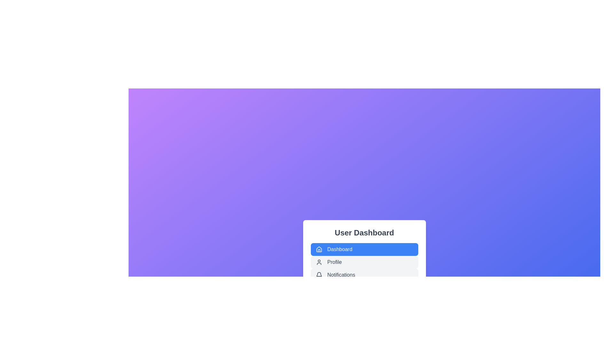 The width and height of the screenshot is (614, 345). What do you see at coordinates (364, 274) in the screenshot?
I see `the third button in the navigation menu, located between the 'Profile' and 'Settings' buttons` at bounding box center [364, 274].